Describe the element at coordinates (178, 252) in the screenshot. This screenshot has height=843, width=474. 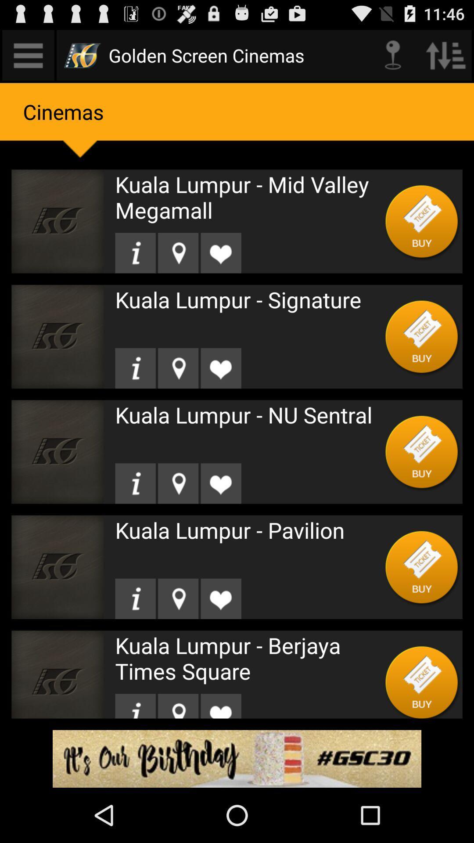
I see `logation` at that location.